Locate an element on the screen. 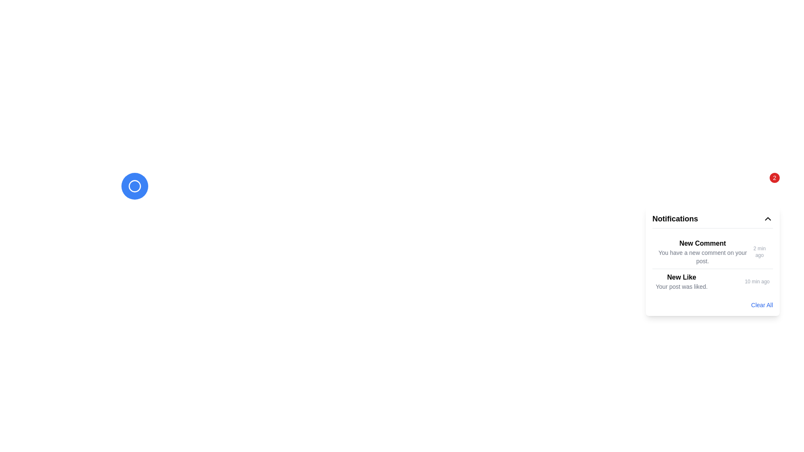  the Notification Item that displays 'New Like' in bold and 'Your post was liked.' in a smaller font, located in the notification dropdown dialog under the 'New Comment' section is located at coordinates (681, 281).